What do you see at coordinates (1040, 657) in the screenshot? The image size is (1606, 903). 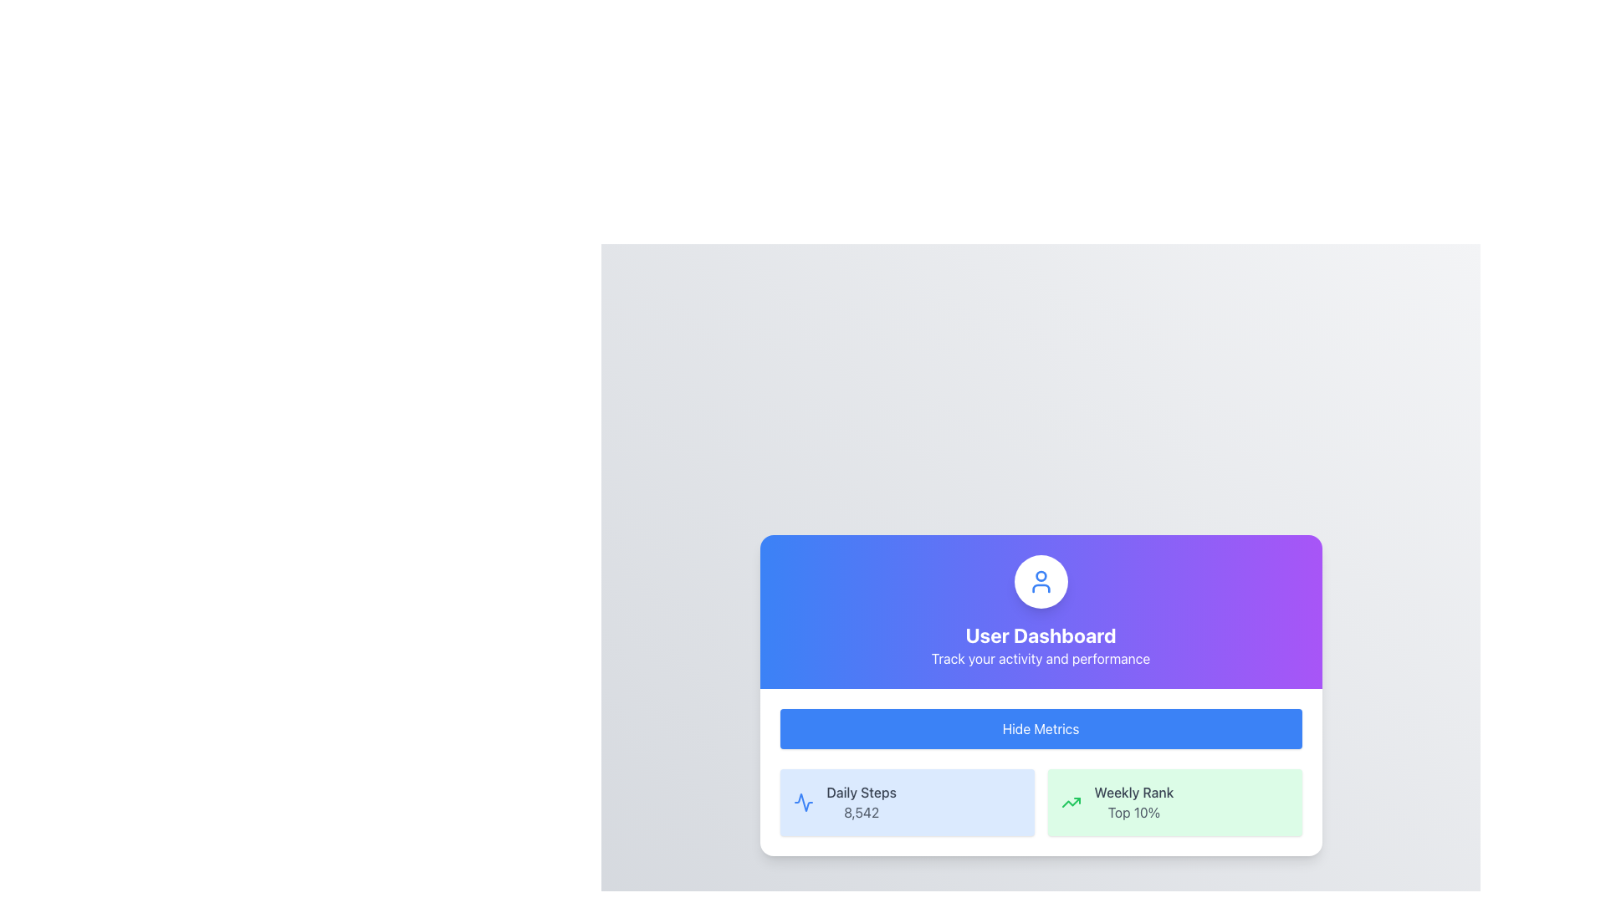 I see `the static text displaying 'Track your activity and performance', which is styled in white/light color and positioned beneath 'User Dashboard' within a card-like area` at bounding box center [1040, 657].